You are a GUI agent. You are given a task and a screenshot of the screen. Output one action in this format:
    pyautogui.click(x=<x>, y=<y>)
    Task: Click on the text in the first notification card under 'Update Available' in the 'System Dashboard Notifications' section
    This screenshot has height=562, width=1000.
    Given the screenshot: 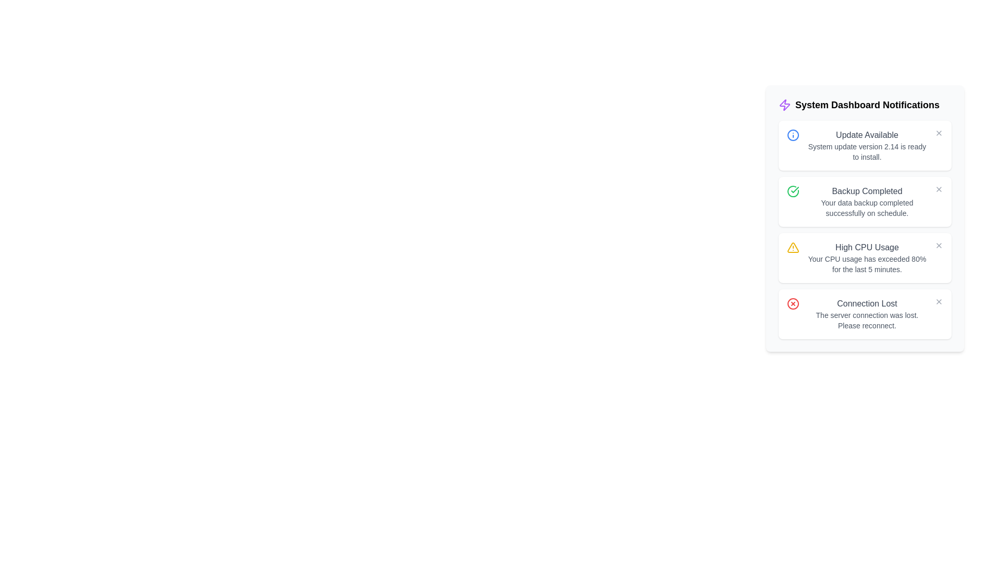 What is the action you would take?
    pyautogui.click(x=867, y=152)
    